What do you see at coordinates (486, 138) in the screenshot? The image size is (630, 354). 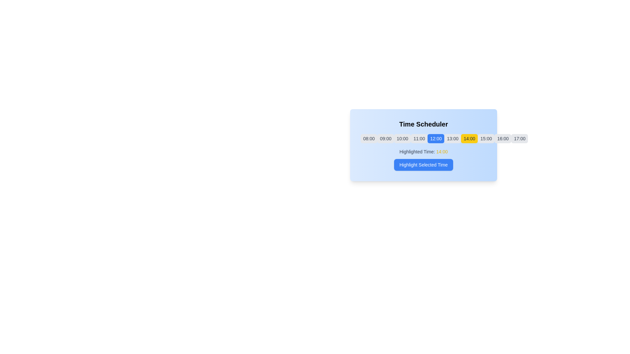 I see `the eighth time selection button labeled '15:00'` at bounding box center [486, 138].